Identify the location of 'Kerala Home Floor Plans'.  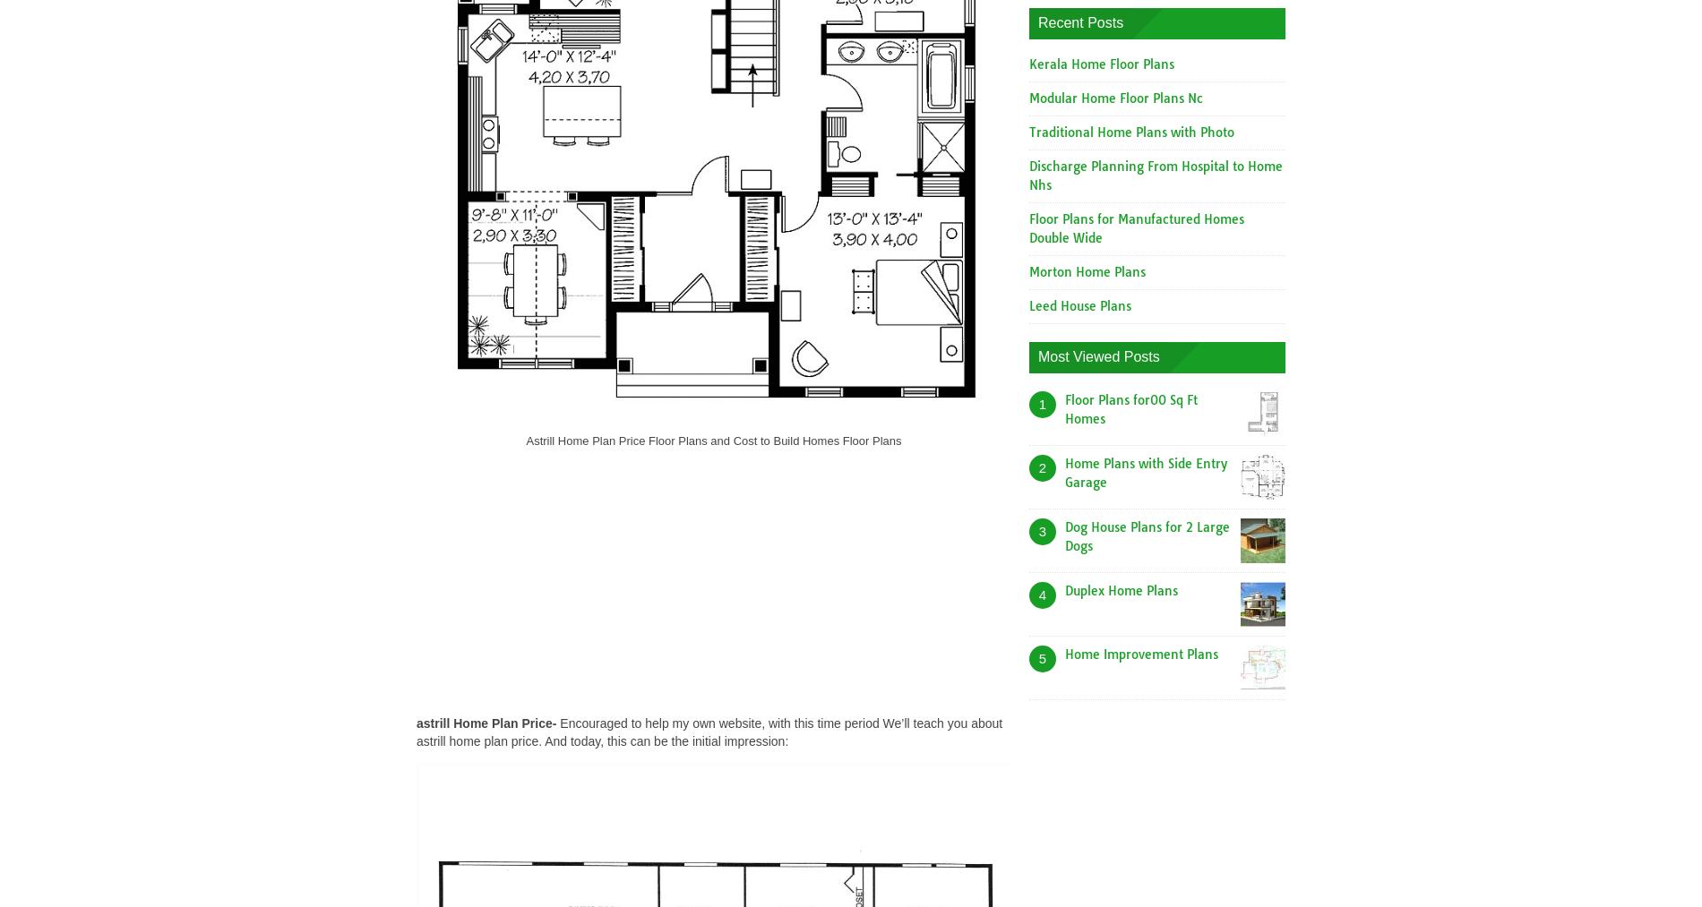
(1101, 63).